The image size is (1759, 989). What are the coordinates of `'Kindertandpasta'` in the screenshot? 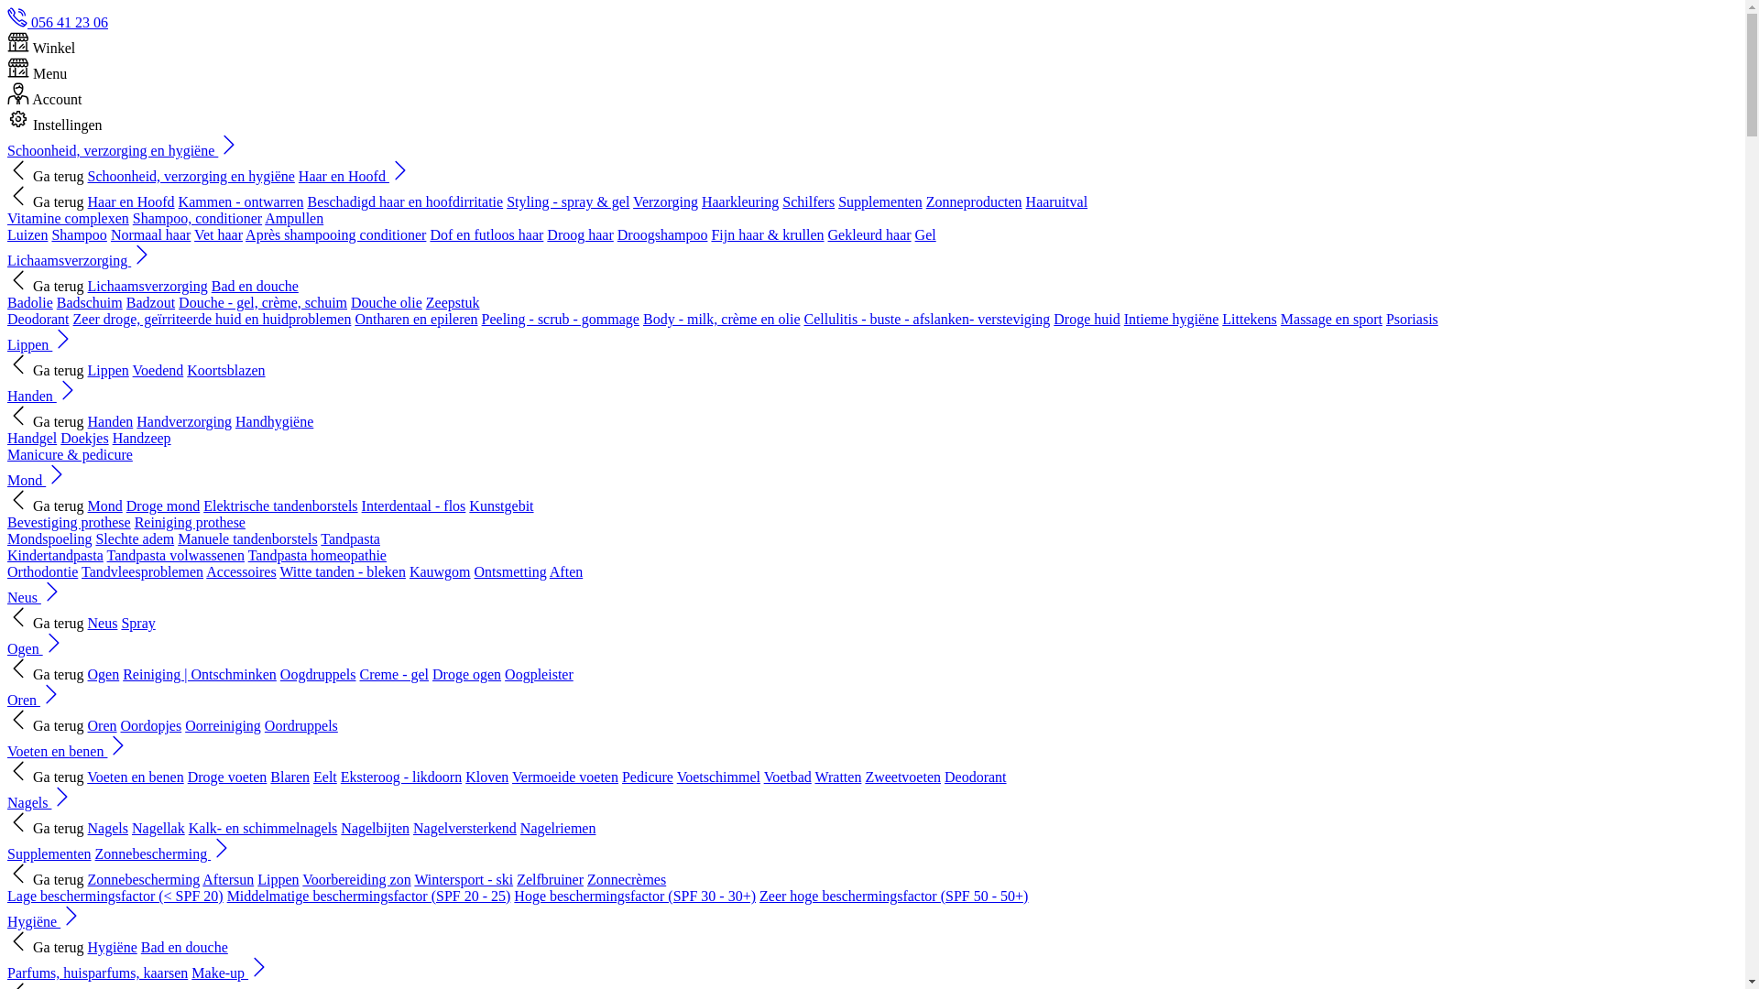 It's located at (55, 554).